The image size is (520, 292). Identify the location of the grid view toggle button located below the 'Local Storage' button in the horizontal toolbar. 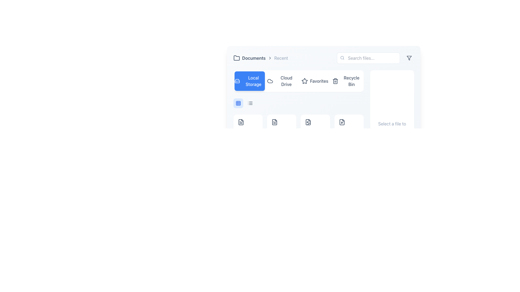
(238, 103).